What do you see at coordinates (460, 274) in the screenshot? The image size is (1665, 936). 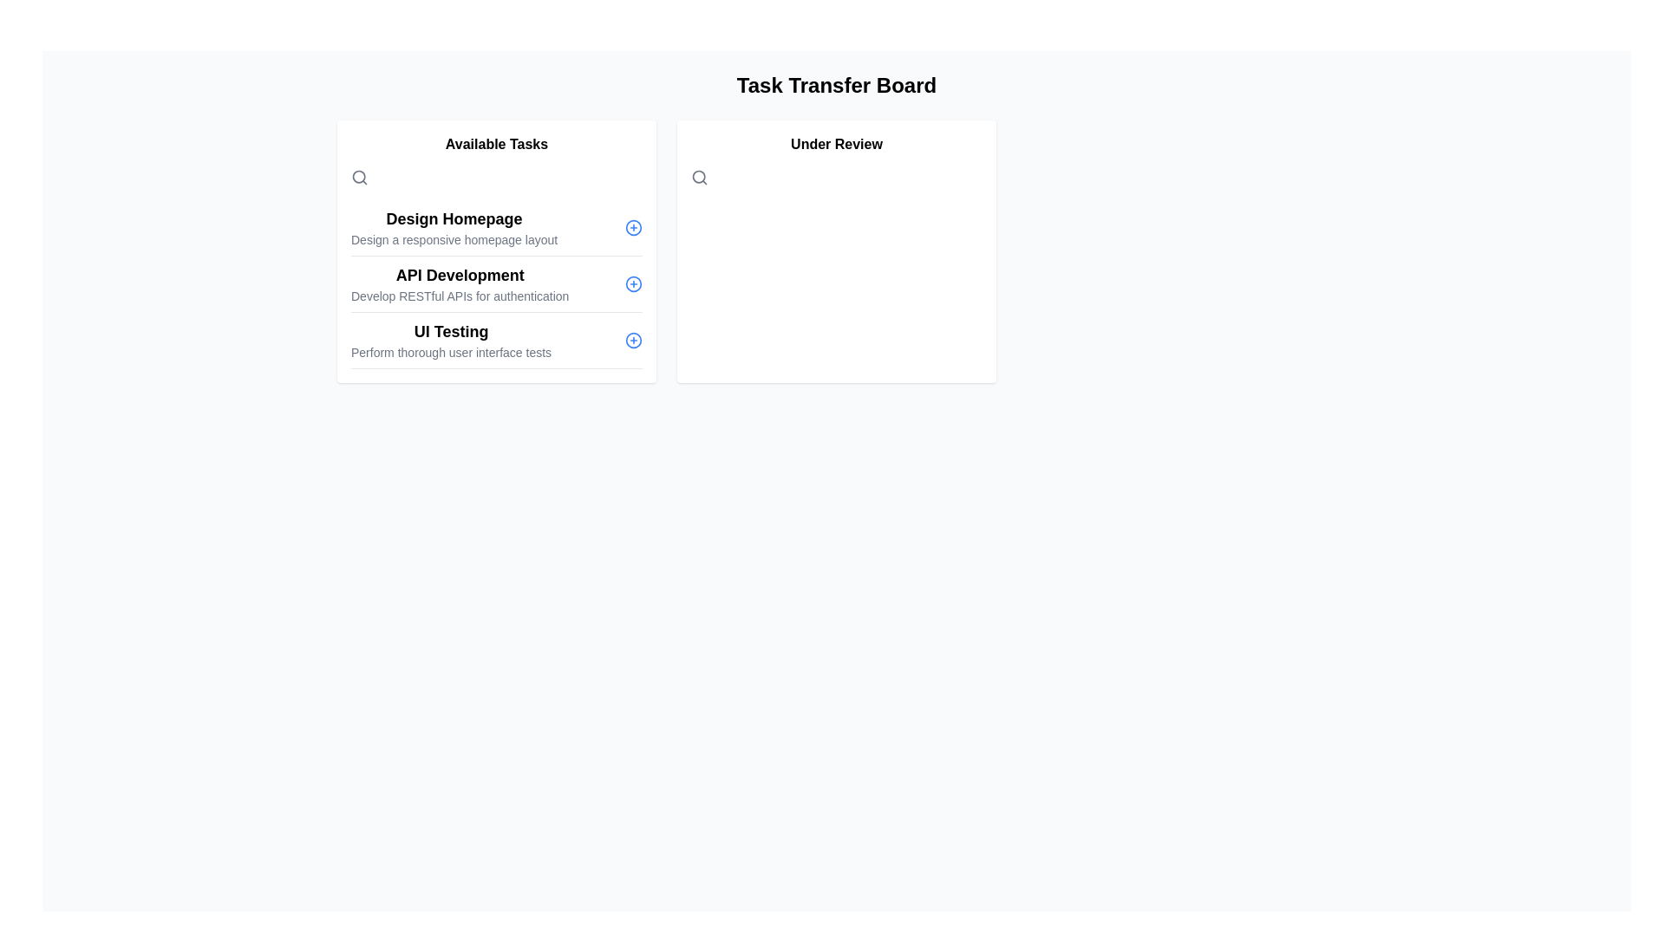 I see `the 'API Development' text header located in the 'Available Tasks' column, positioned centrally between 'Design Homepage' and the task description below` at bounding box center [460, 274].